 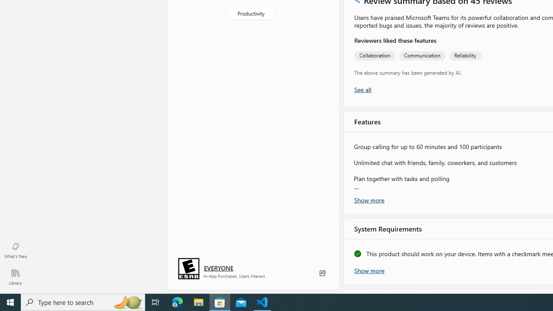 I want to click on 'Show all ratings and reviews', so click(x=362, y=89).